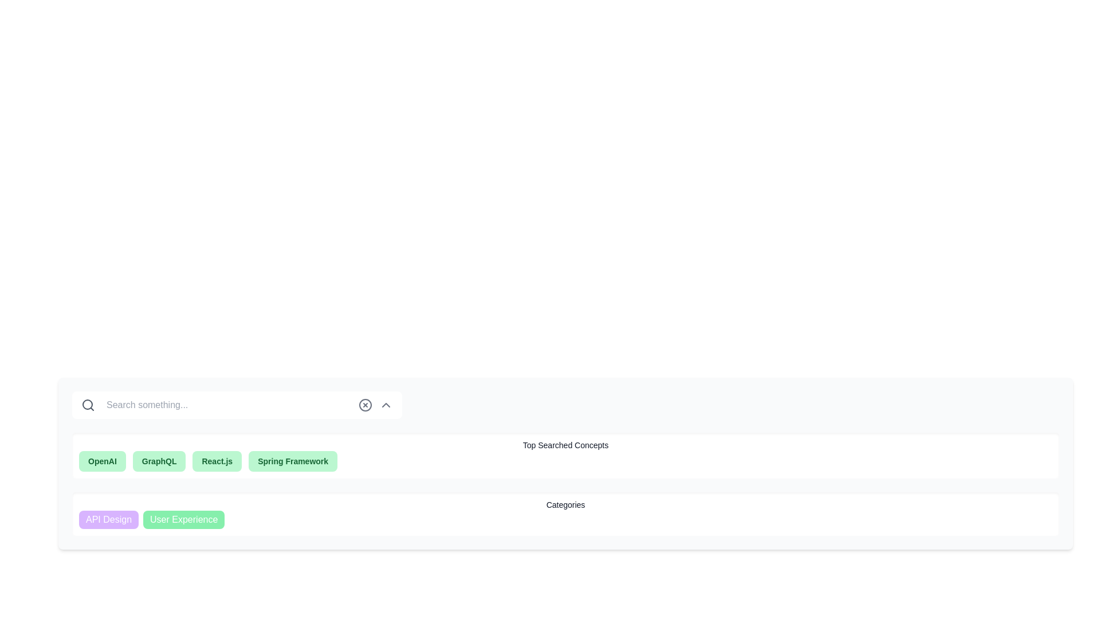  What do you see at coordinates (217, 461) in the screenshot?
I see `the 'React.js' button, which is a rounded rectangular button with a light green background and bold dark green text, positioned as the third button in a row of four similar buttons` at bounding box center [217, 461].